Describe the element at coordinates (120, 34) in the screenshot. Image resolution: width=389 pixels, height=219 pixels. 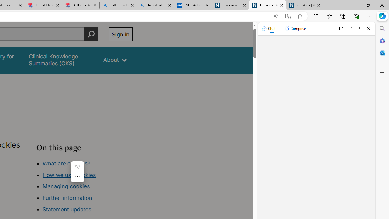
I see `'Sign in'` at that location.